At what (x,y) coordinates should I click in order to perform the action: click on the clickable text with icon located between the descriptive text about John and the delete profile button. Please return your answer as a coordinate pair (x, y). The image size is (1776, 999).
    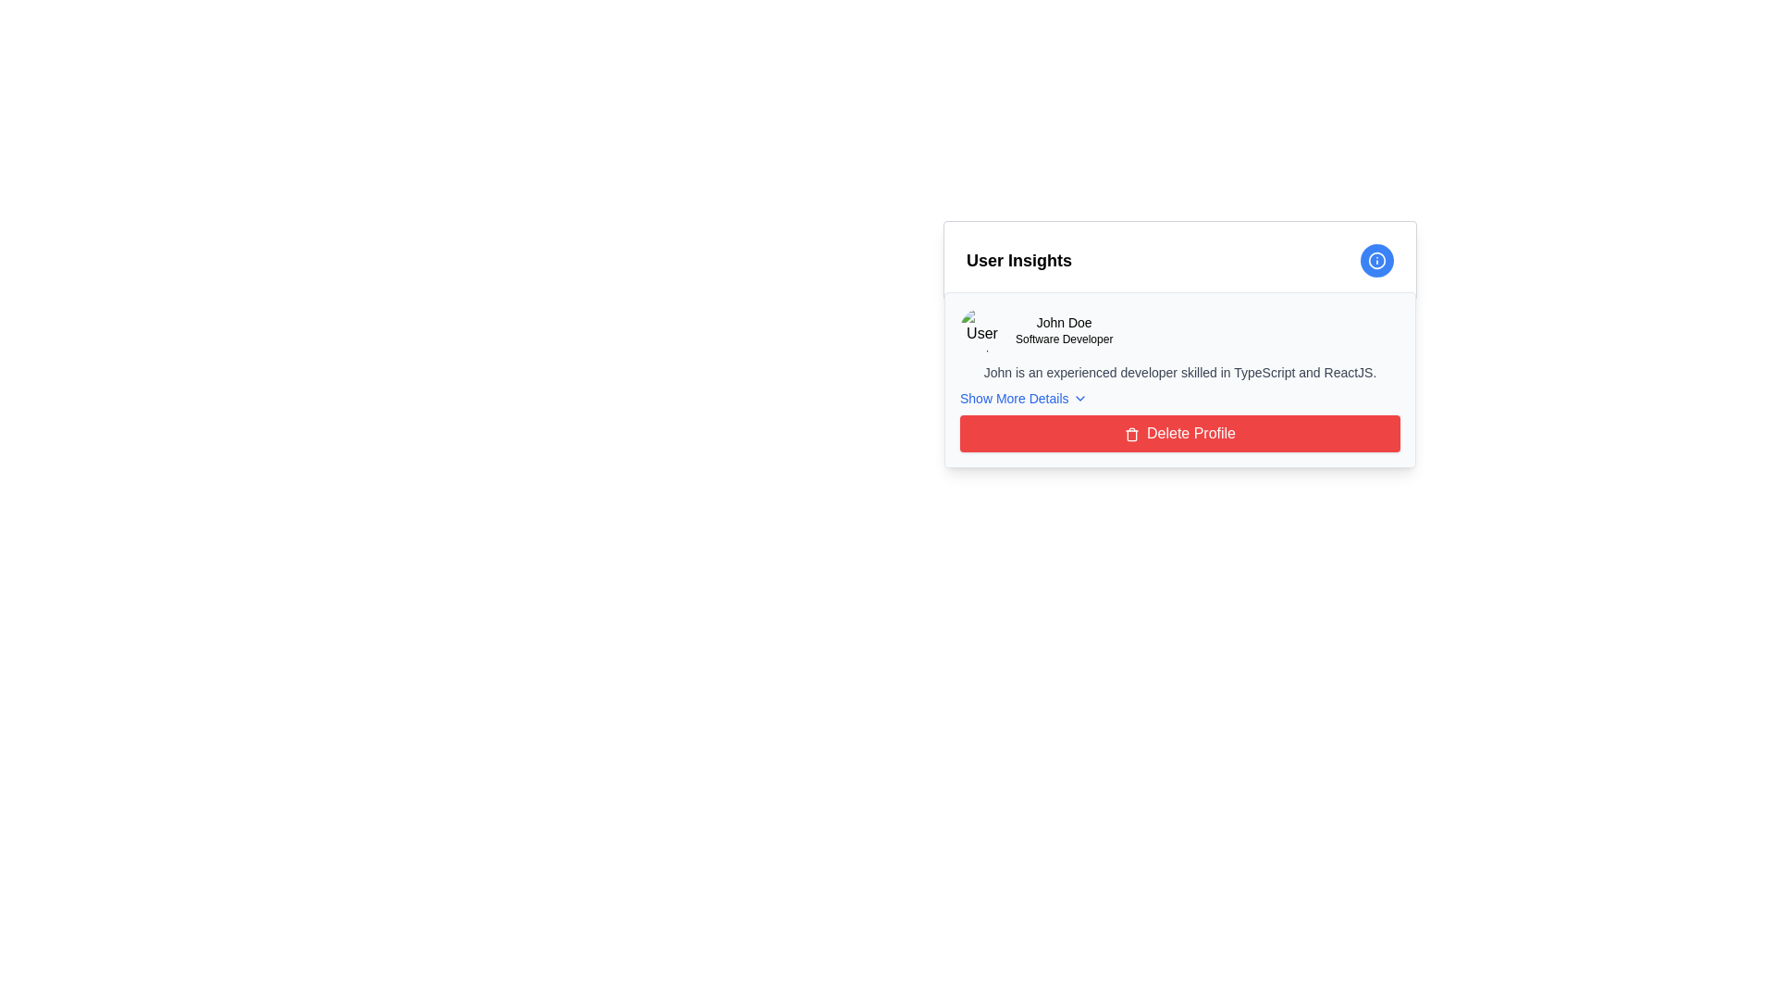
    Looking at the image, I should click on (1022, 398).